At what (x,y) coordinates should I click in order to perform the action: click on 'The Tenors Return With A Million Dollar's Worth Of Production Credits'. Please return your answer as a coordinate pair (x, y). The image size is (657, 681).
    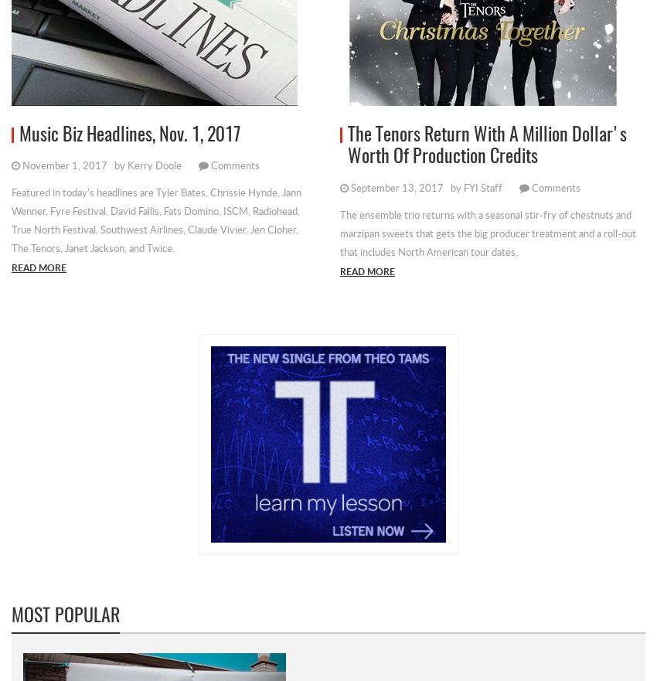
    Looking at the image, I should click on (486, 146).